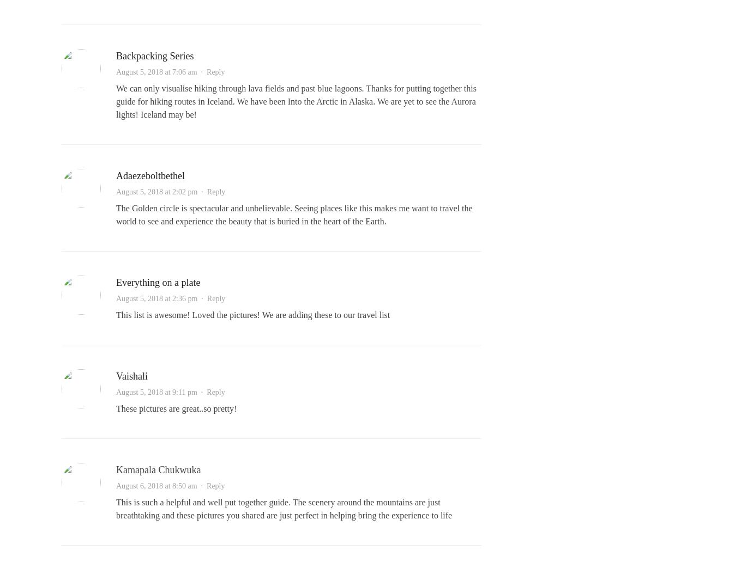 Image resolution: width=753 pixels, height=562 pixels. I want to click on 'Vaishali', so click(131, 376).